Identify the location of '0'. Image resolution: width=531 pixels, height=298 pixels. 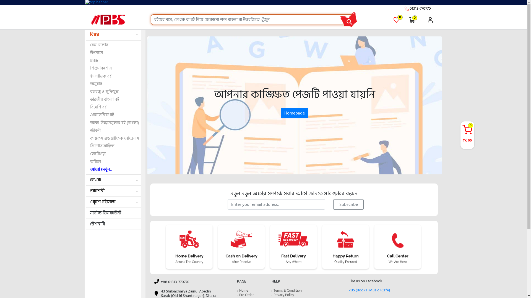
(412, 19).